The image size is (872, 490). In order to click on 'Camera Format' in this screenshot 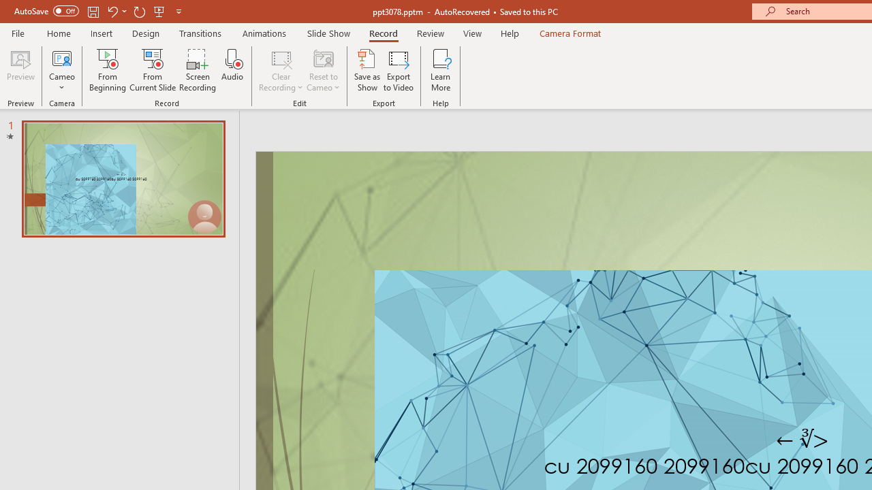, I will do `click(570, 33)`.